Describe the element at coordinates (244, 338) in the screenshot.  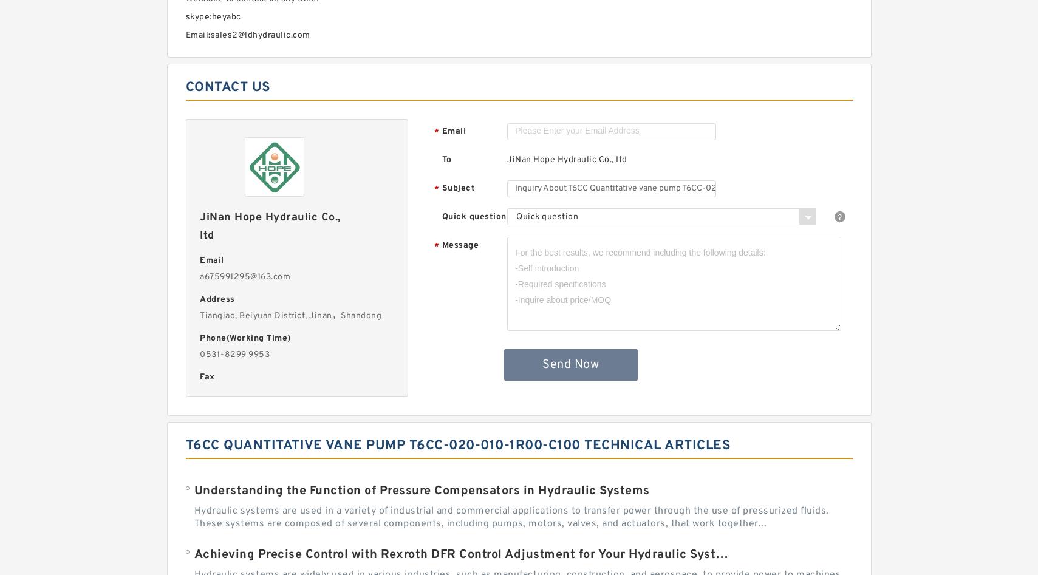
I see `'Phone(Working Time)'` at that location.